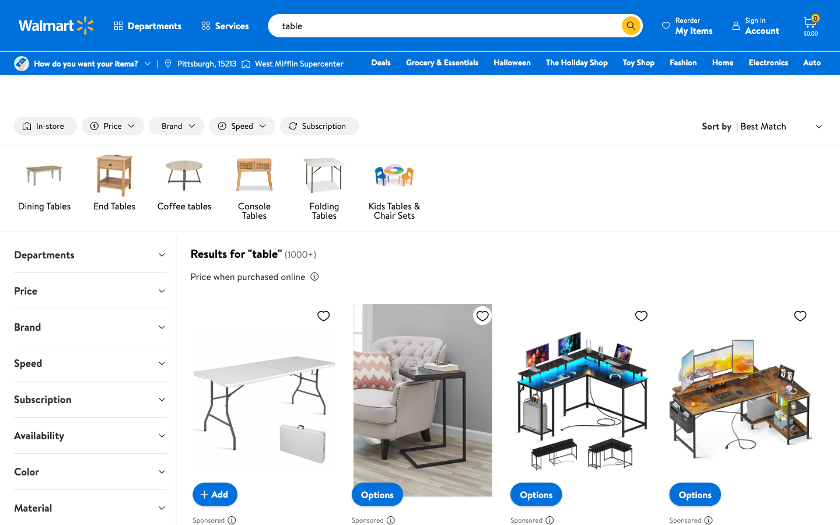  I want to click on Explore options for study tables, so click(612, 25).